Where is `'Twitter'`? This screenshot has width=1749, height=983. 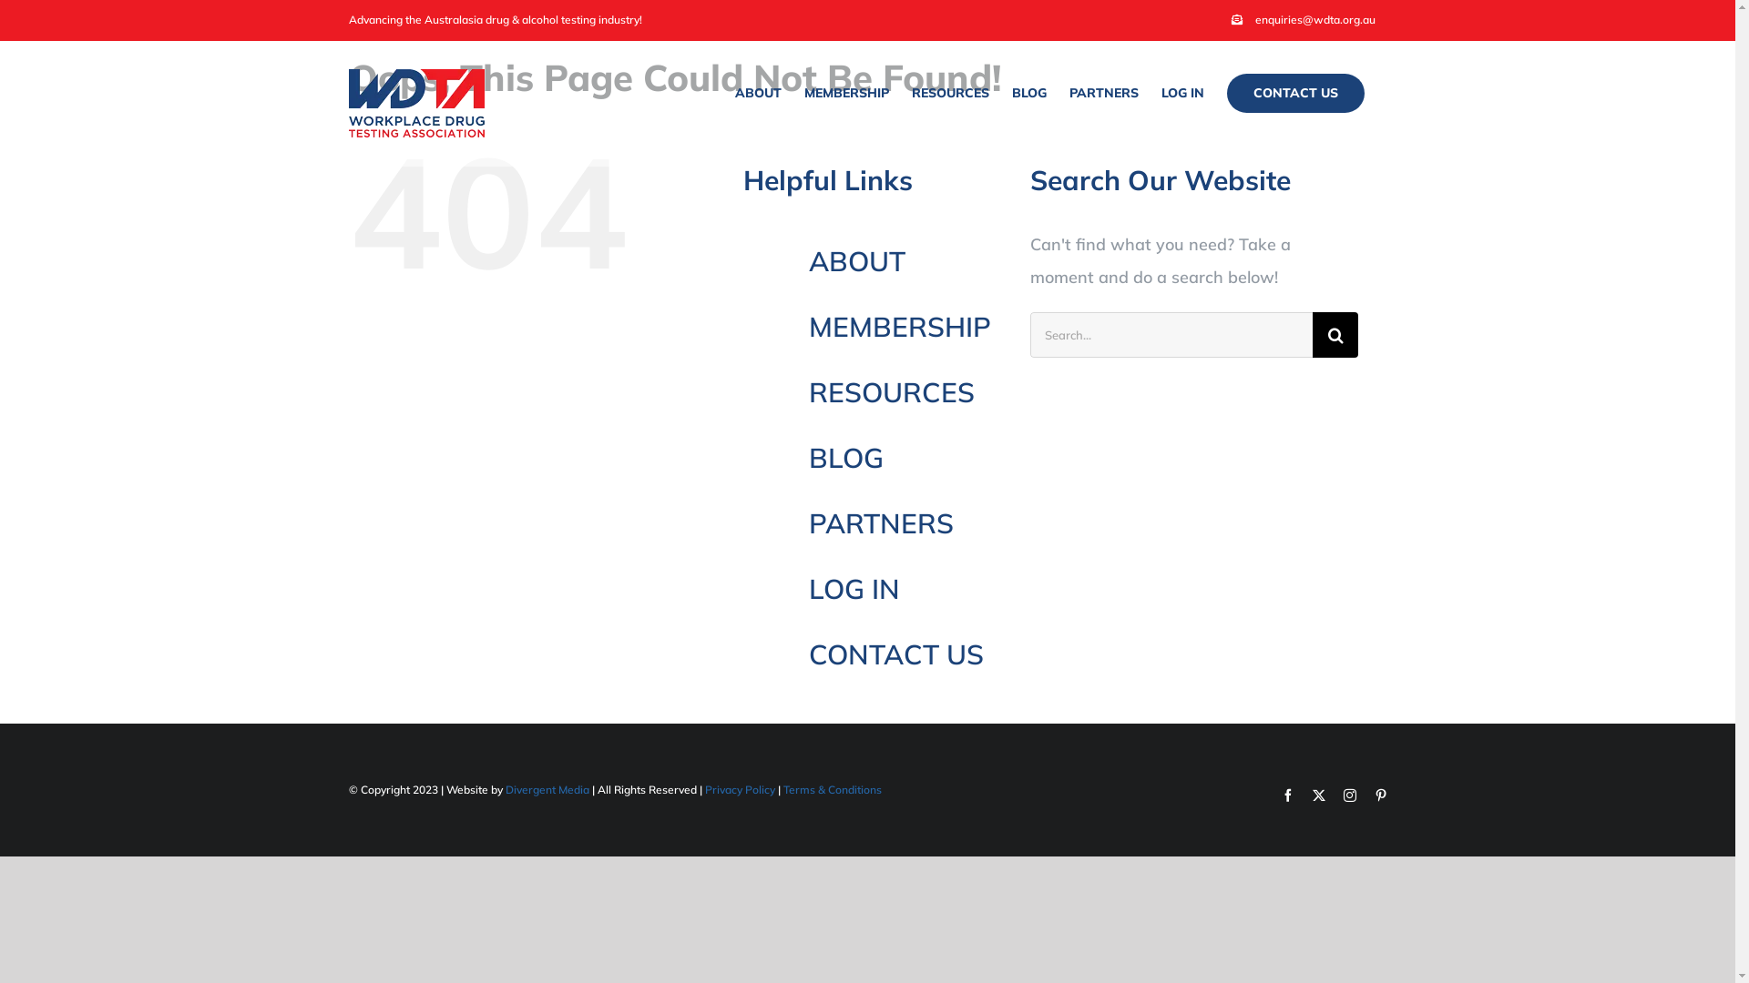 'Twitter' is located at coordinates (1312, 795).